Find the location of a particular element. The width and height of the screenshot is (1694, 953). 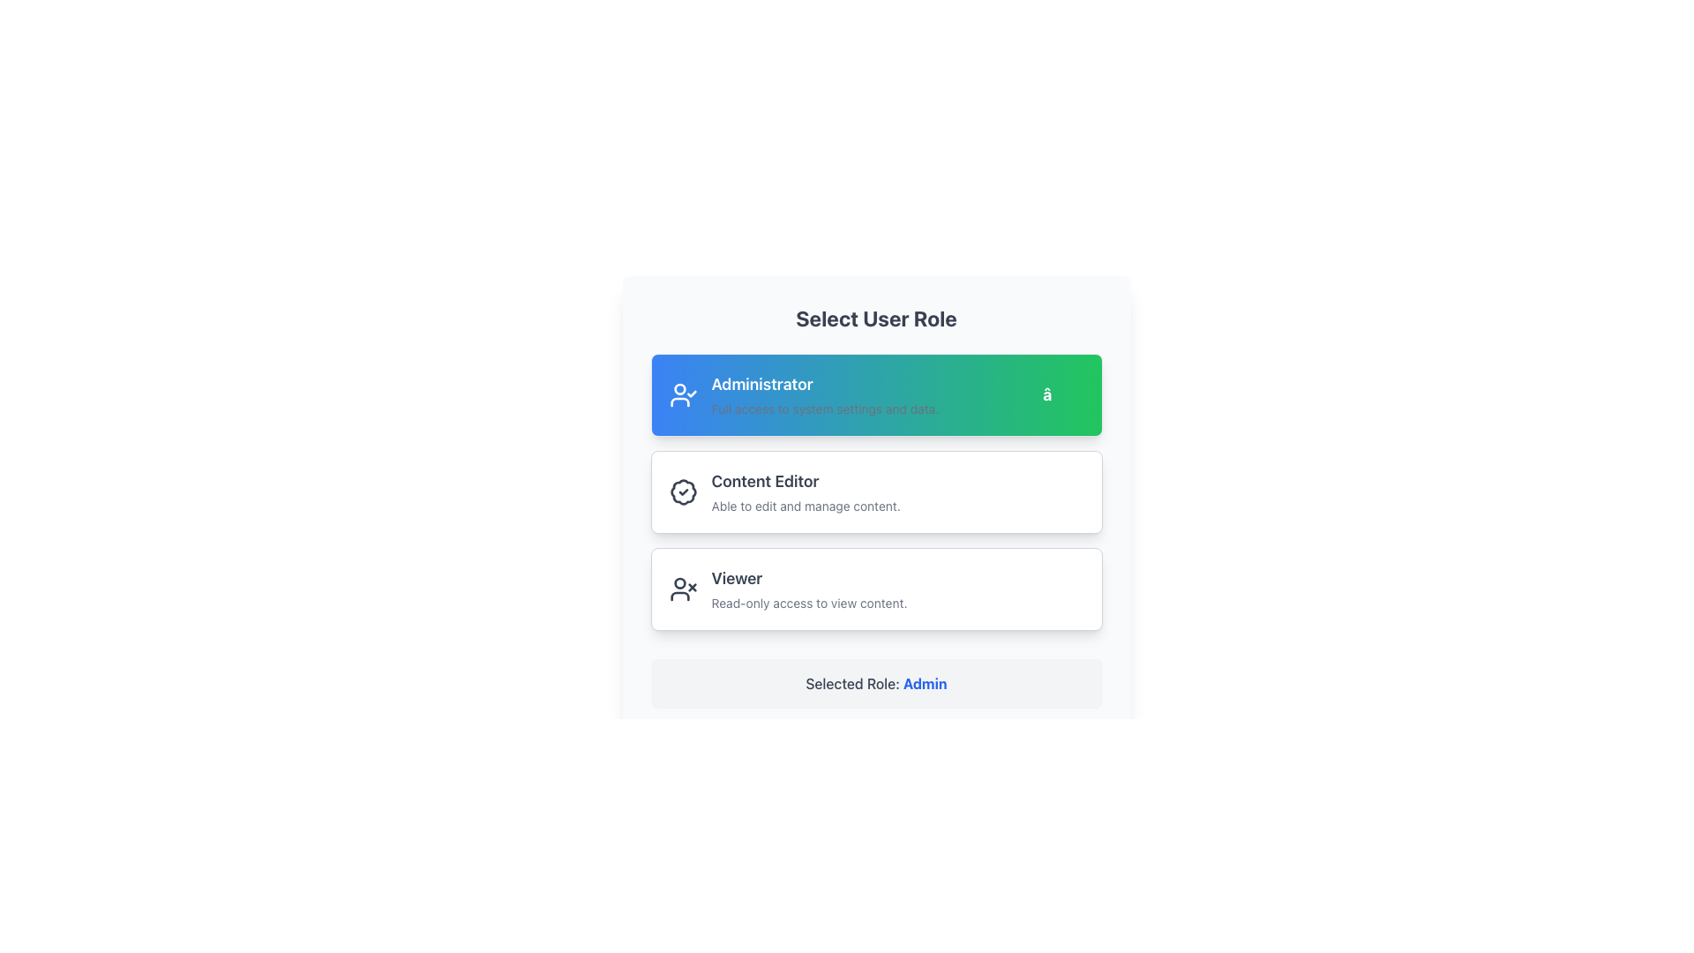

bold, blue-text word 'Admin' which is the last word in the phrase 'Selected Role: Admin' located at the bottom area of the interface is located at coordinates (924, 683).